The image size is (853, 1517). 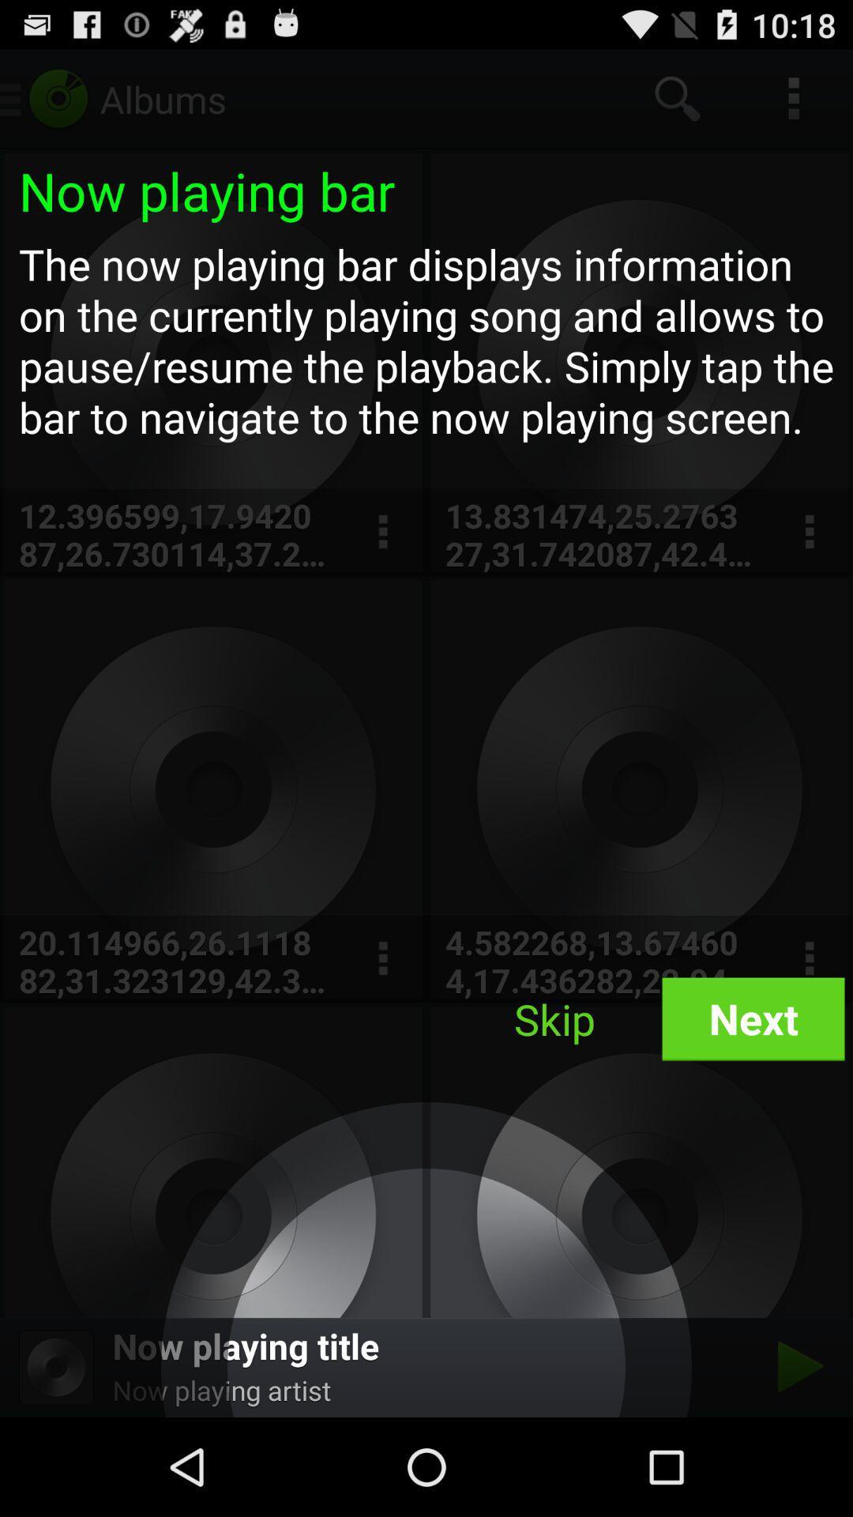 I want to click on play songs, so click(x=796, y=1366).